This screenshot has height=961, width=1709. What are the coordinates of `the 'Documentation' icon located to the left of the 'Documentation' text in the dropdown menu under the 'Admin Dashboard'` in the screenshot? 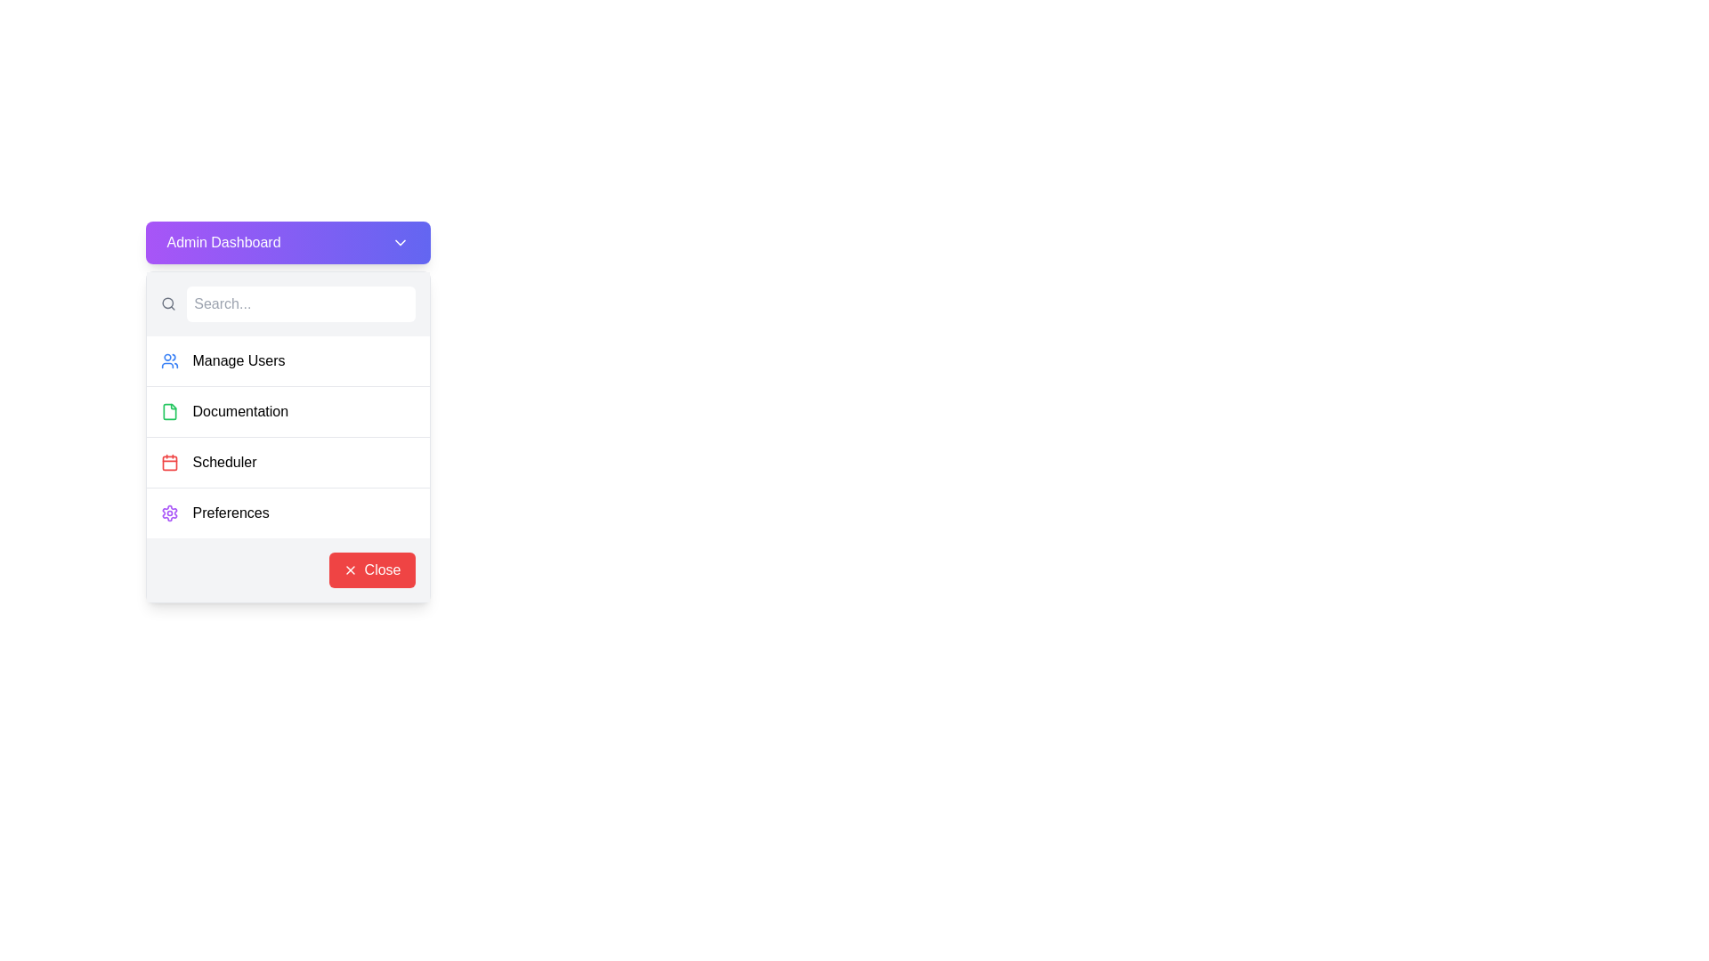 It's located at (169, 411).